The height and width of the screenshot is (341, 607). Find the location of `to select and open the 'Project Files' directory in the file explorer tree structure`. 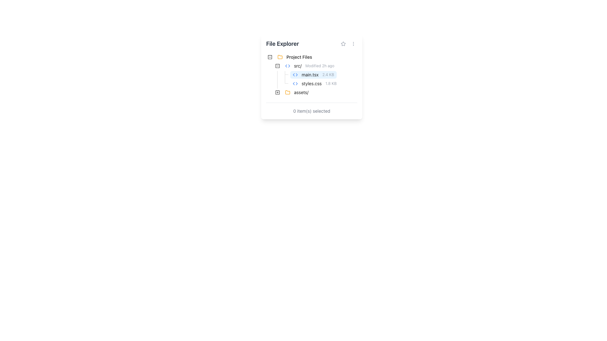

to select and open the 'Project Files' directory in the file explorer tree structure is located at coordinates (297, 57).